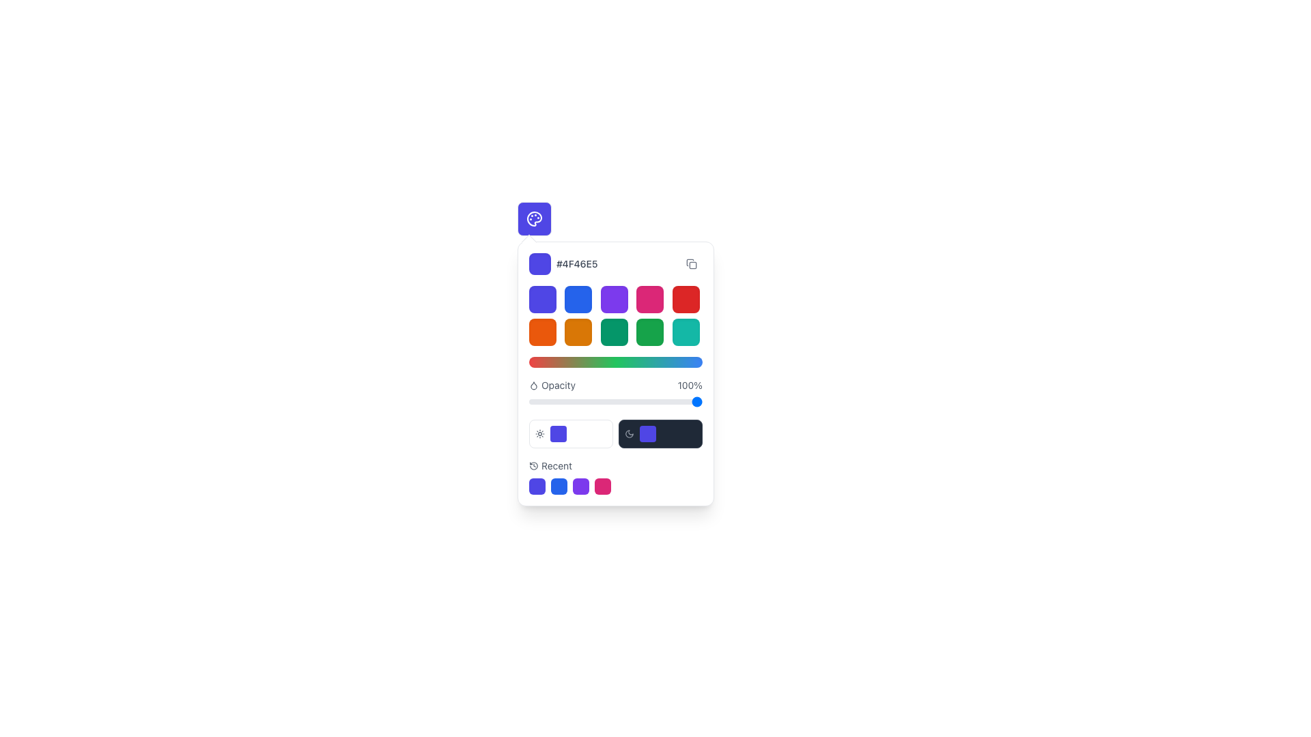 This screenshot has width=1311, height=737. Describe the element at coordinates (613, 299) in the screenshot. I see `the third button in the first row of the 5x2 grid, which is a square-shaped button with a purple color and rounded corners, to observe the scaling effect` at that location.